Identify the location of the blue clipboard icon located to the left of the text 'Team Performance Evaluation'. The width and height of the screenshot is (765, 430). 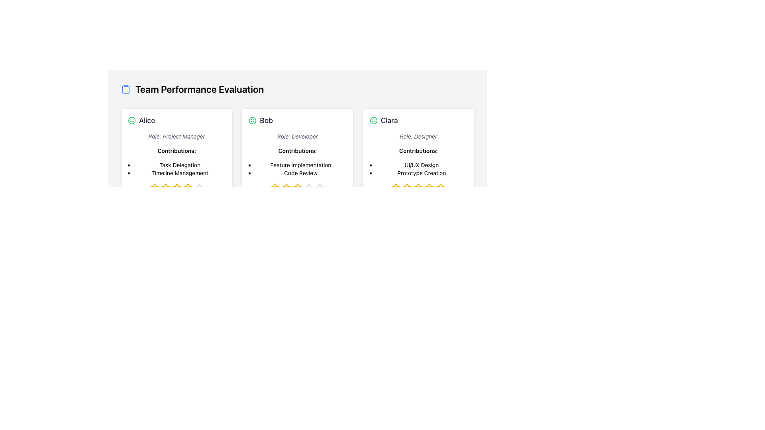
(126, 89).